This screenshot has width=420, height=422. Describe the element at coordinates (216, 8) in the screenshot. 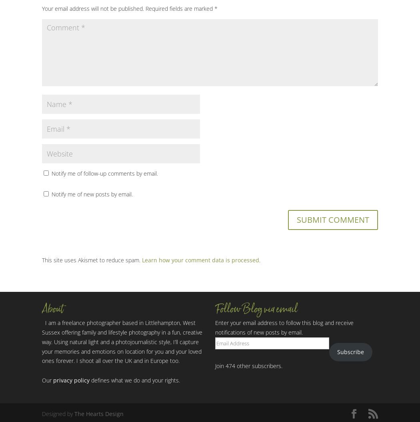

I see `'*'` at that location.